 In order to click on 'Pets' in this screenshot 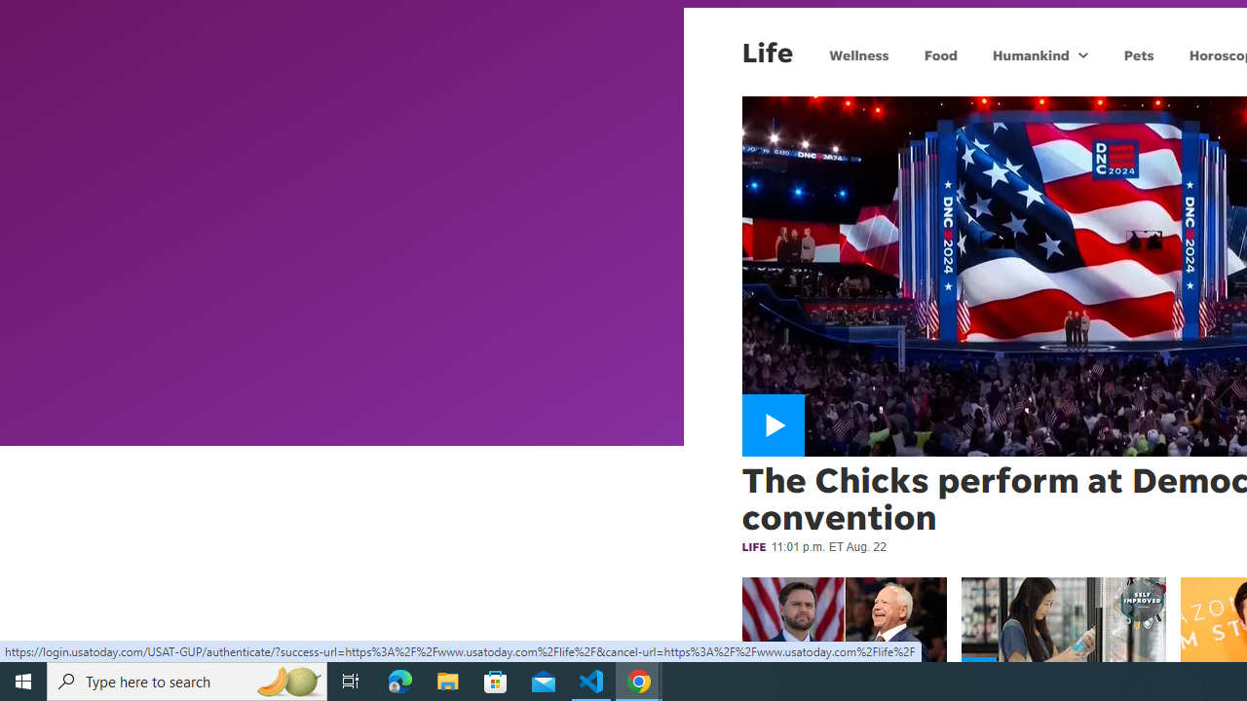, I will do `click(1138, 54)`.